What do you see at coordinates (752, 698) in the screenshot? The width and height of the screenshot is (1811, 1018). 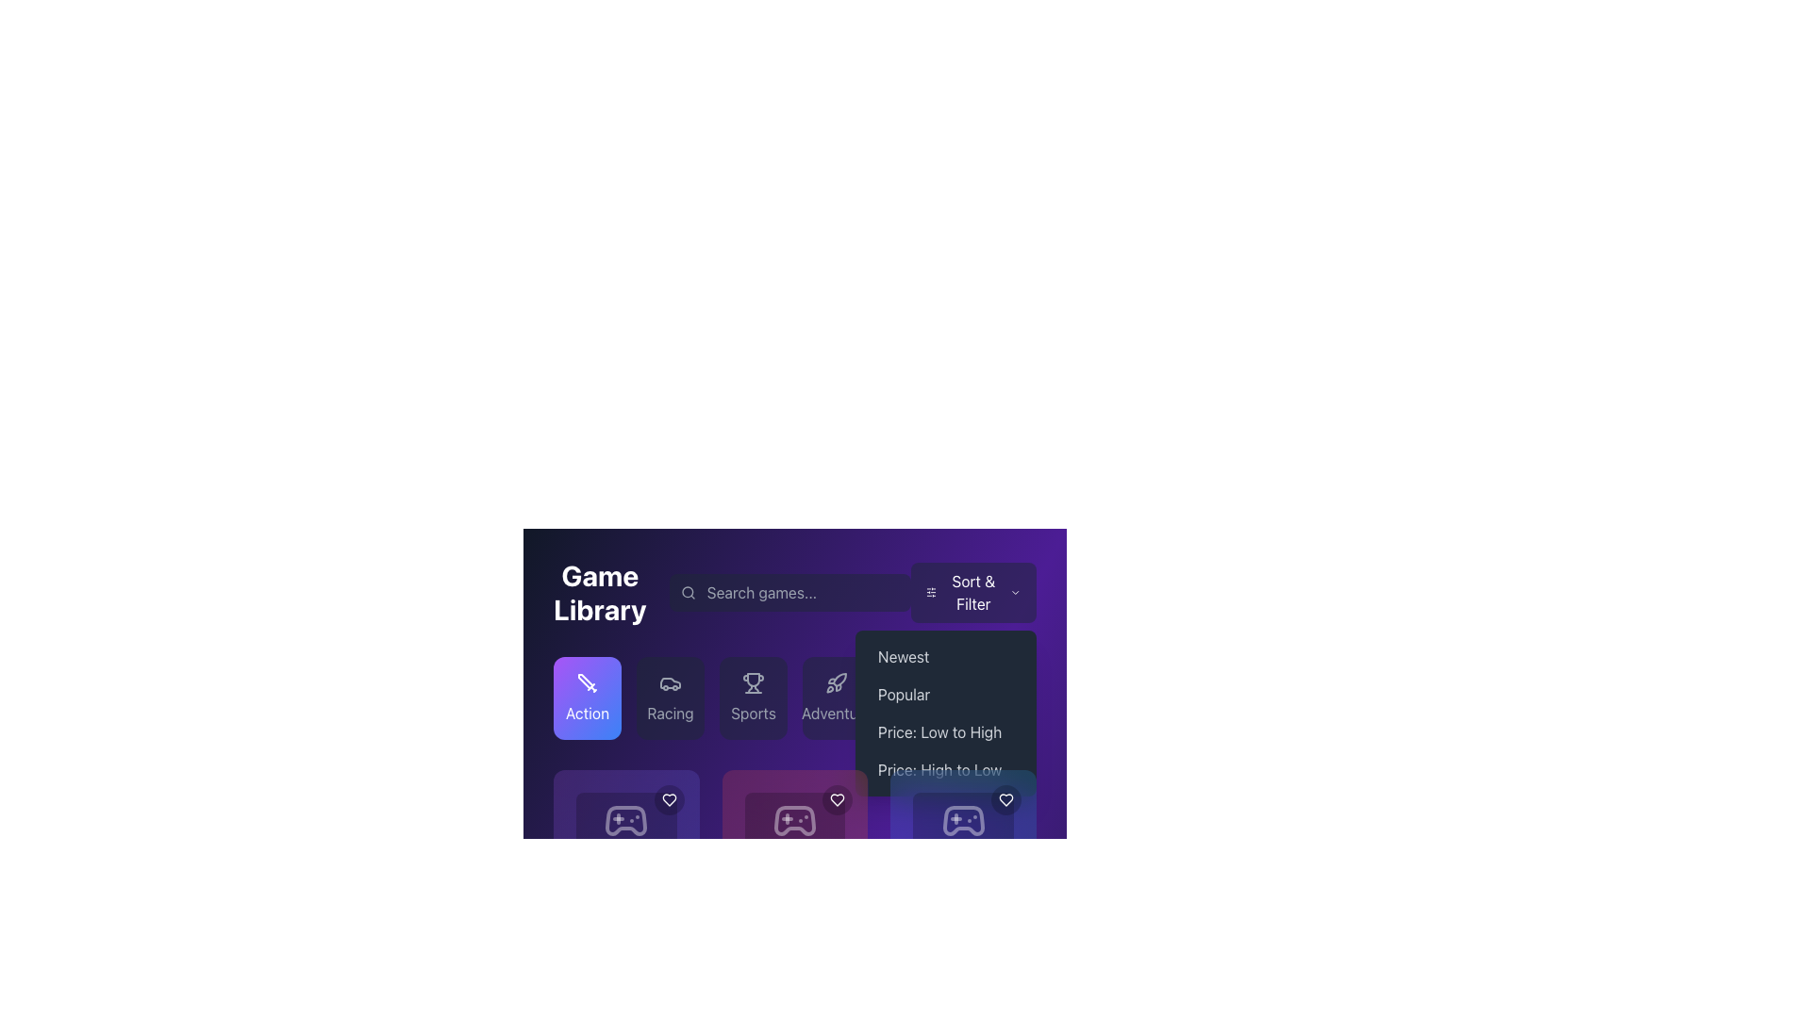 I see `the button labeled 'Sports', which features a trophy icon and is located in the grid of buttons, to filter or navigate to the Sports category` at bounding box center [752, 698].